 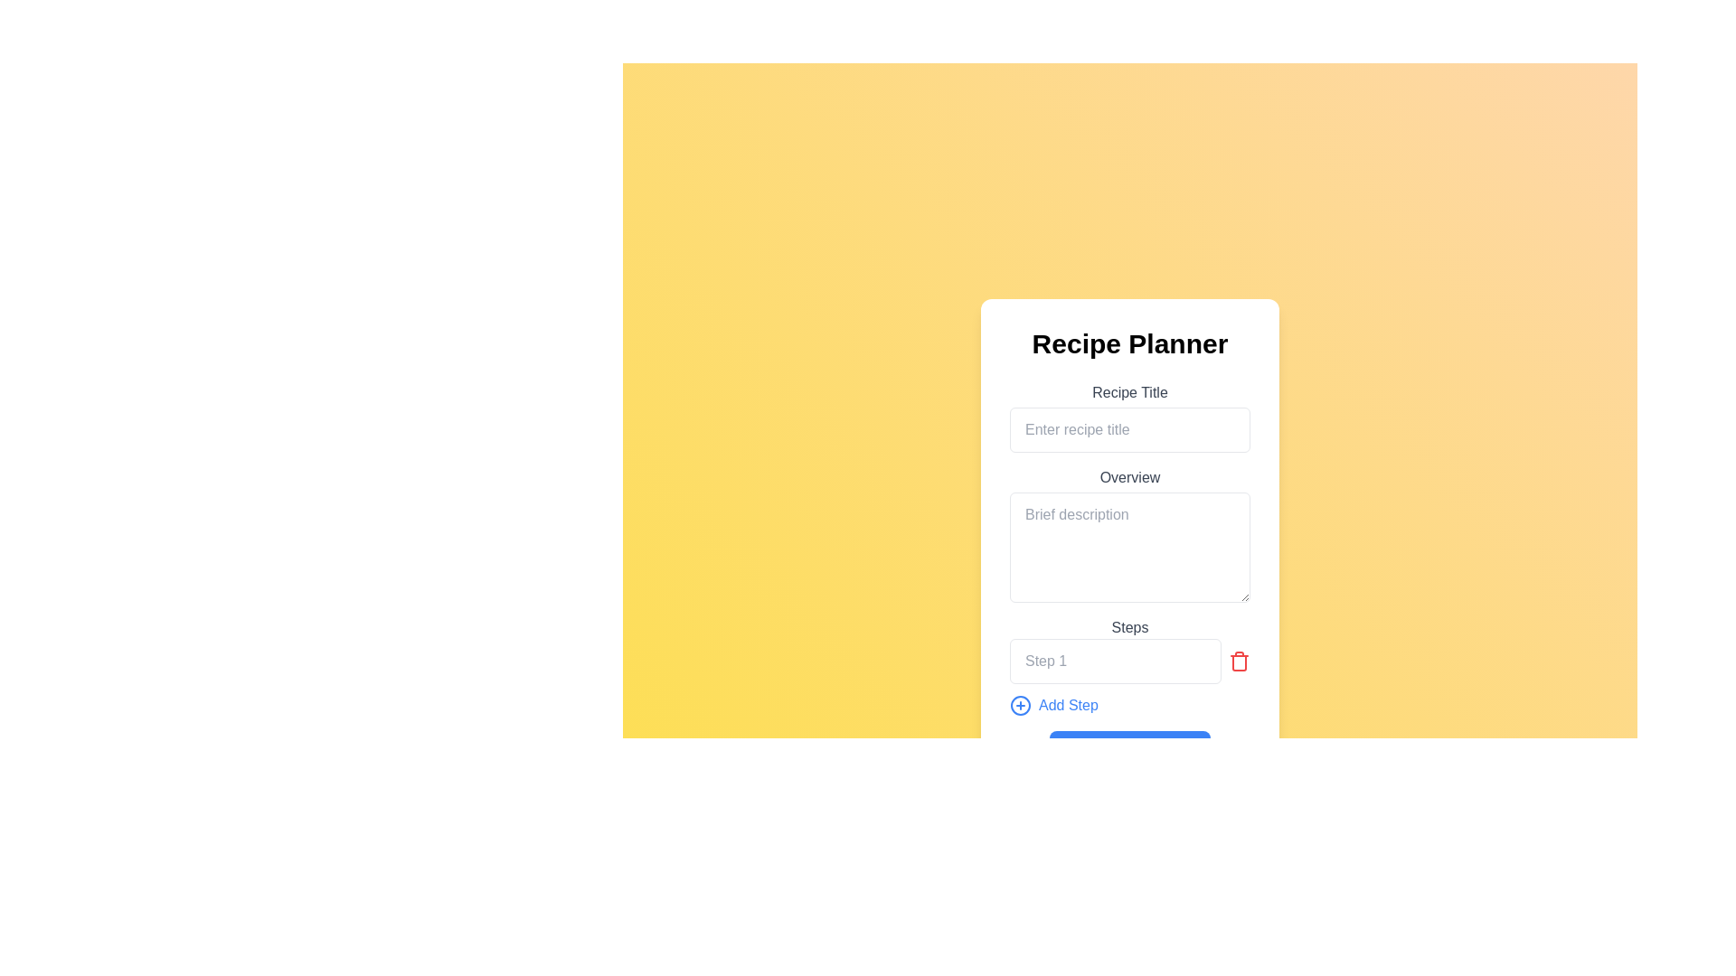 What do you see at coordinates (1178, 753) in the screenshot?
I see `the status indication for the save icon, which is an SVG image with a disk design located at the bottom of the interface and aligned toward the center` at bounding box center [1178, 753].